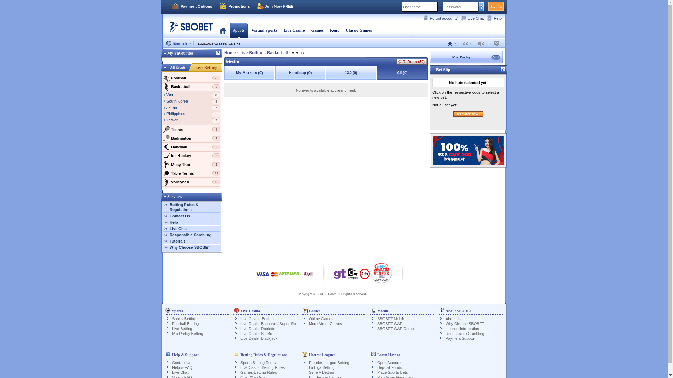 The height and width of the screenshot is (378, 673). I want to click on 'Online Games', so click(321, 318).